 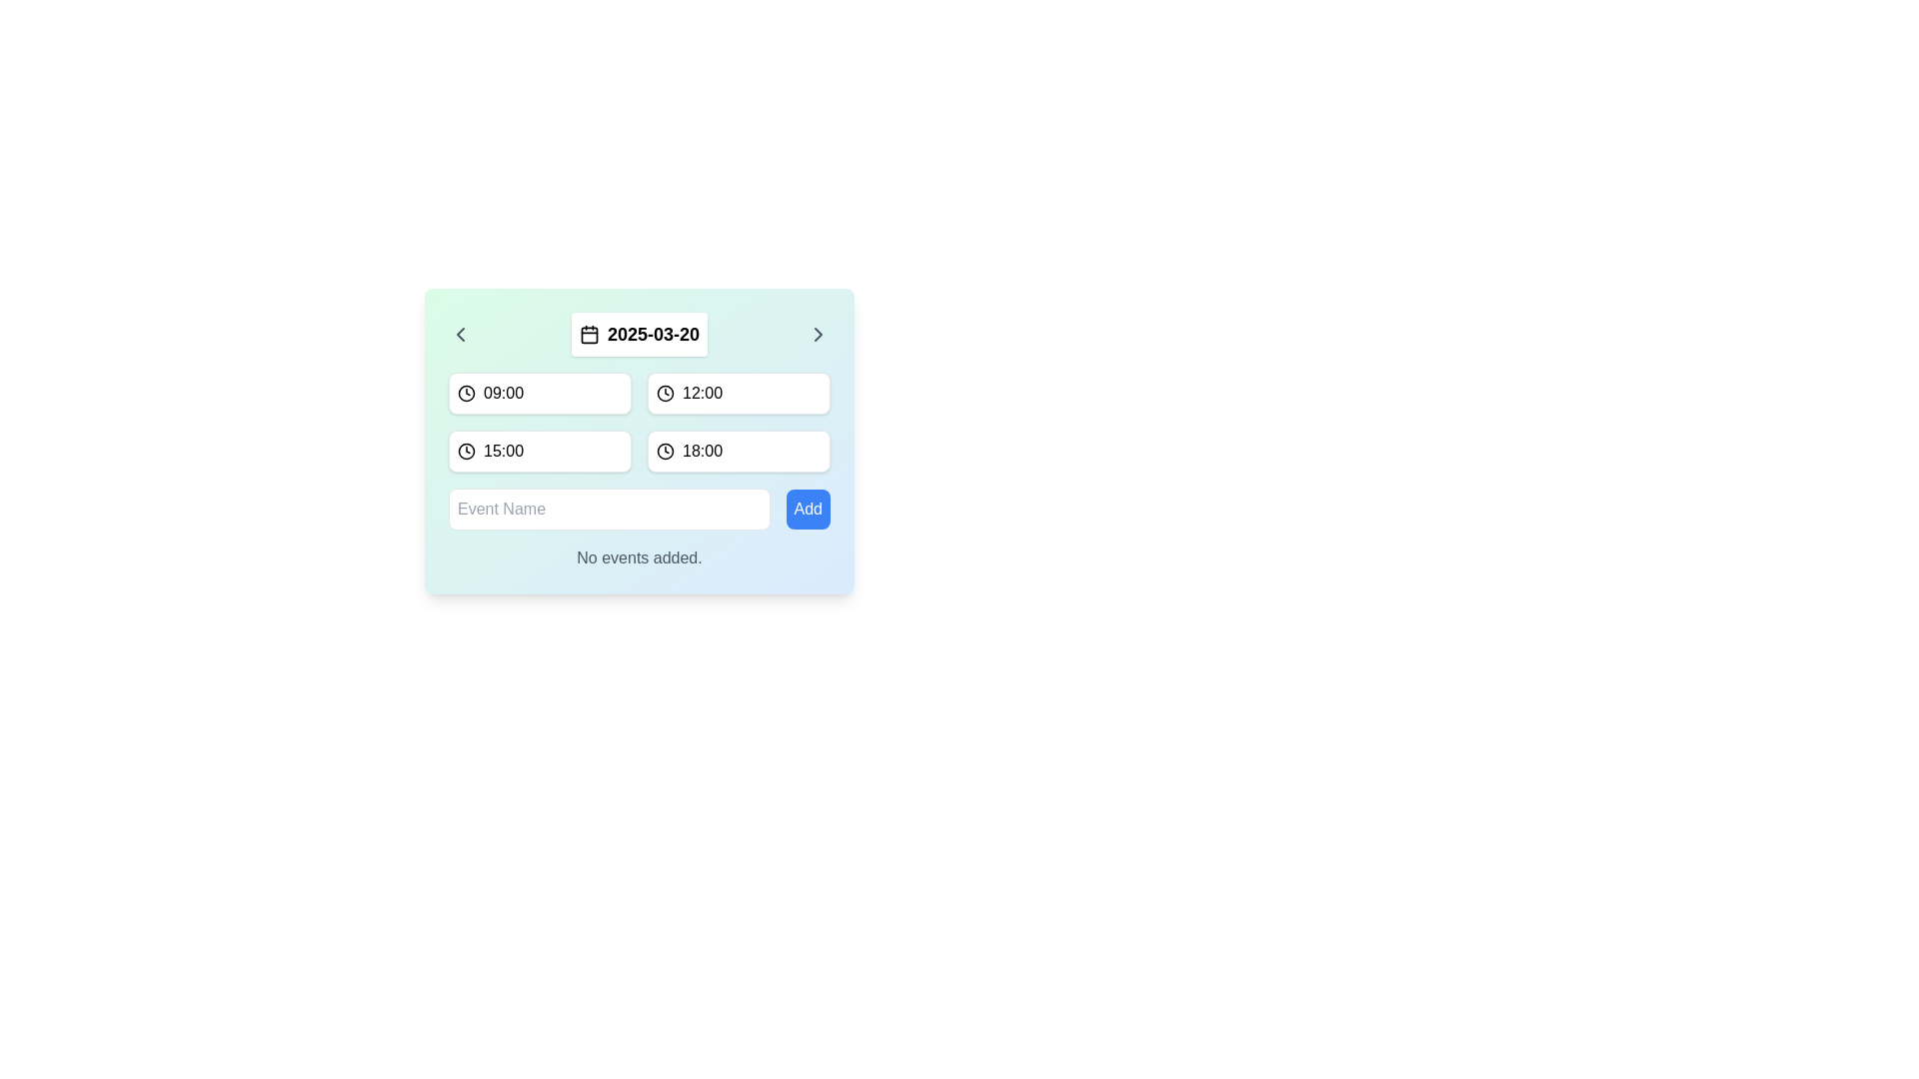 What do you see at coordinates (653, 334) in the screenshot?
I see `the Text Label that displays the selected date, which is located inside a small white rectangular block with rounded corners and a shadow effect, positioned in the top-middle section of the interface beside a calendar icon` at bounding box center [653, 334].